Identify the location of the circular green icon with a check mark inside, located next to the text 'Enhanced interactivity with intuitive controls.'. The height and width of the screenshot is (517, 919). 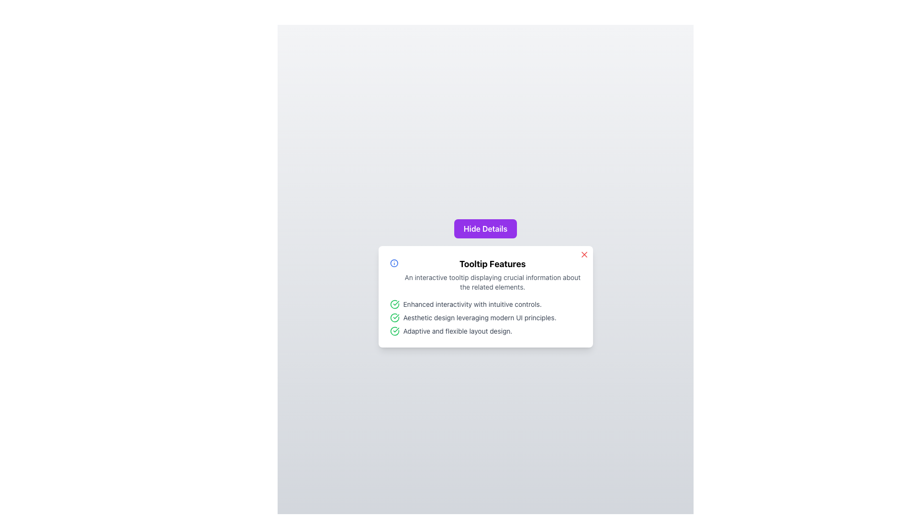
(394, 304).